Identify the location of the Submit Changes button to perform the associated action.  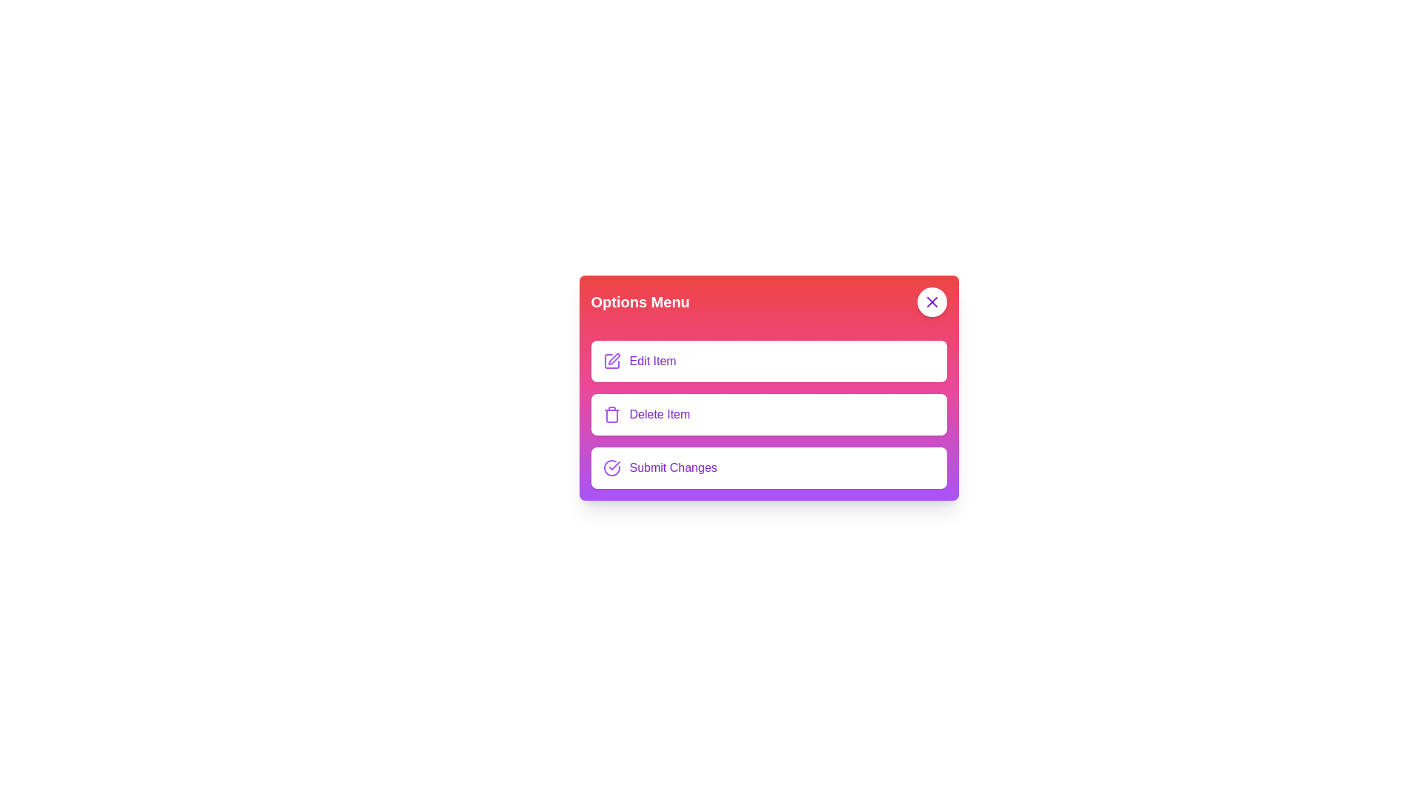
(611, 468).